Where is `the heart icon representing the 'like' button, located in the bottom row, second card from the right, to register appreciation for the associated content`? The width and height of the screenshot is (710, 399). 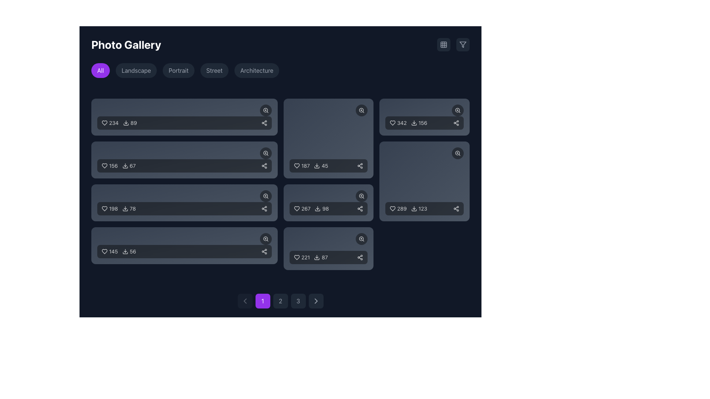 the heart icon representing the 'like' button, located in the bottom row, second card from the right, to register appreciation for the associated content is located at coordinates (392, 208).